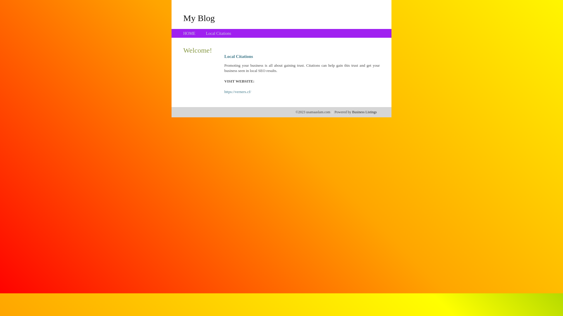  What do you see at coordinates (238, 92) in the screenshot?
I see `'https://verners.cf/'` at bounding box center [238, 92].